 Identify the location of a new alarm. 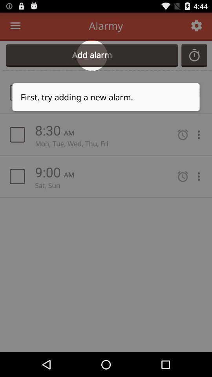
(194, 55).